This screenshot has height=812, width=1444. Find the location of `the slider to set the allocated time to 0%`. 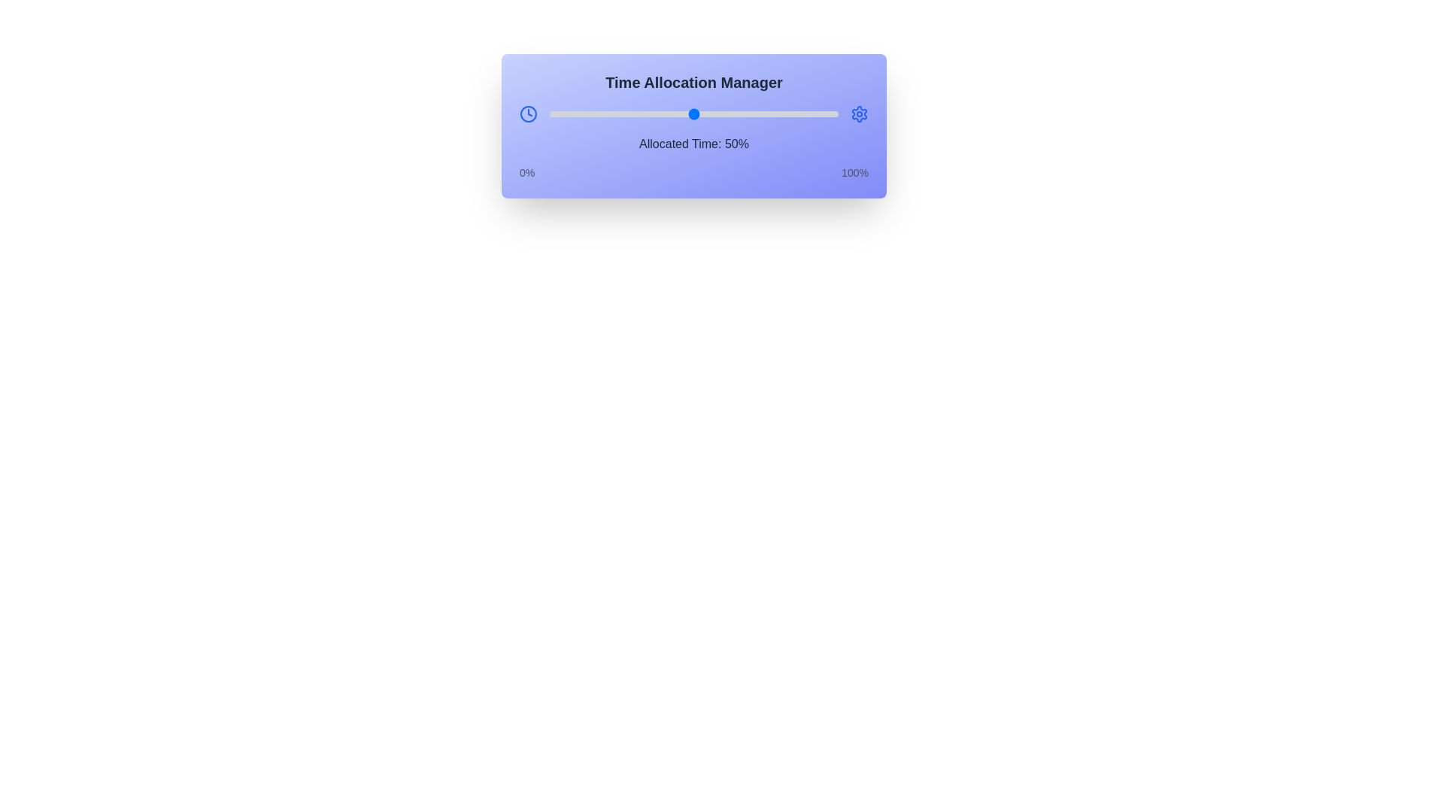

the slider to set the allocated time to 0% is located at coordinates (548, 113).